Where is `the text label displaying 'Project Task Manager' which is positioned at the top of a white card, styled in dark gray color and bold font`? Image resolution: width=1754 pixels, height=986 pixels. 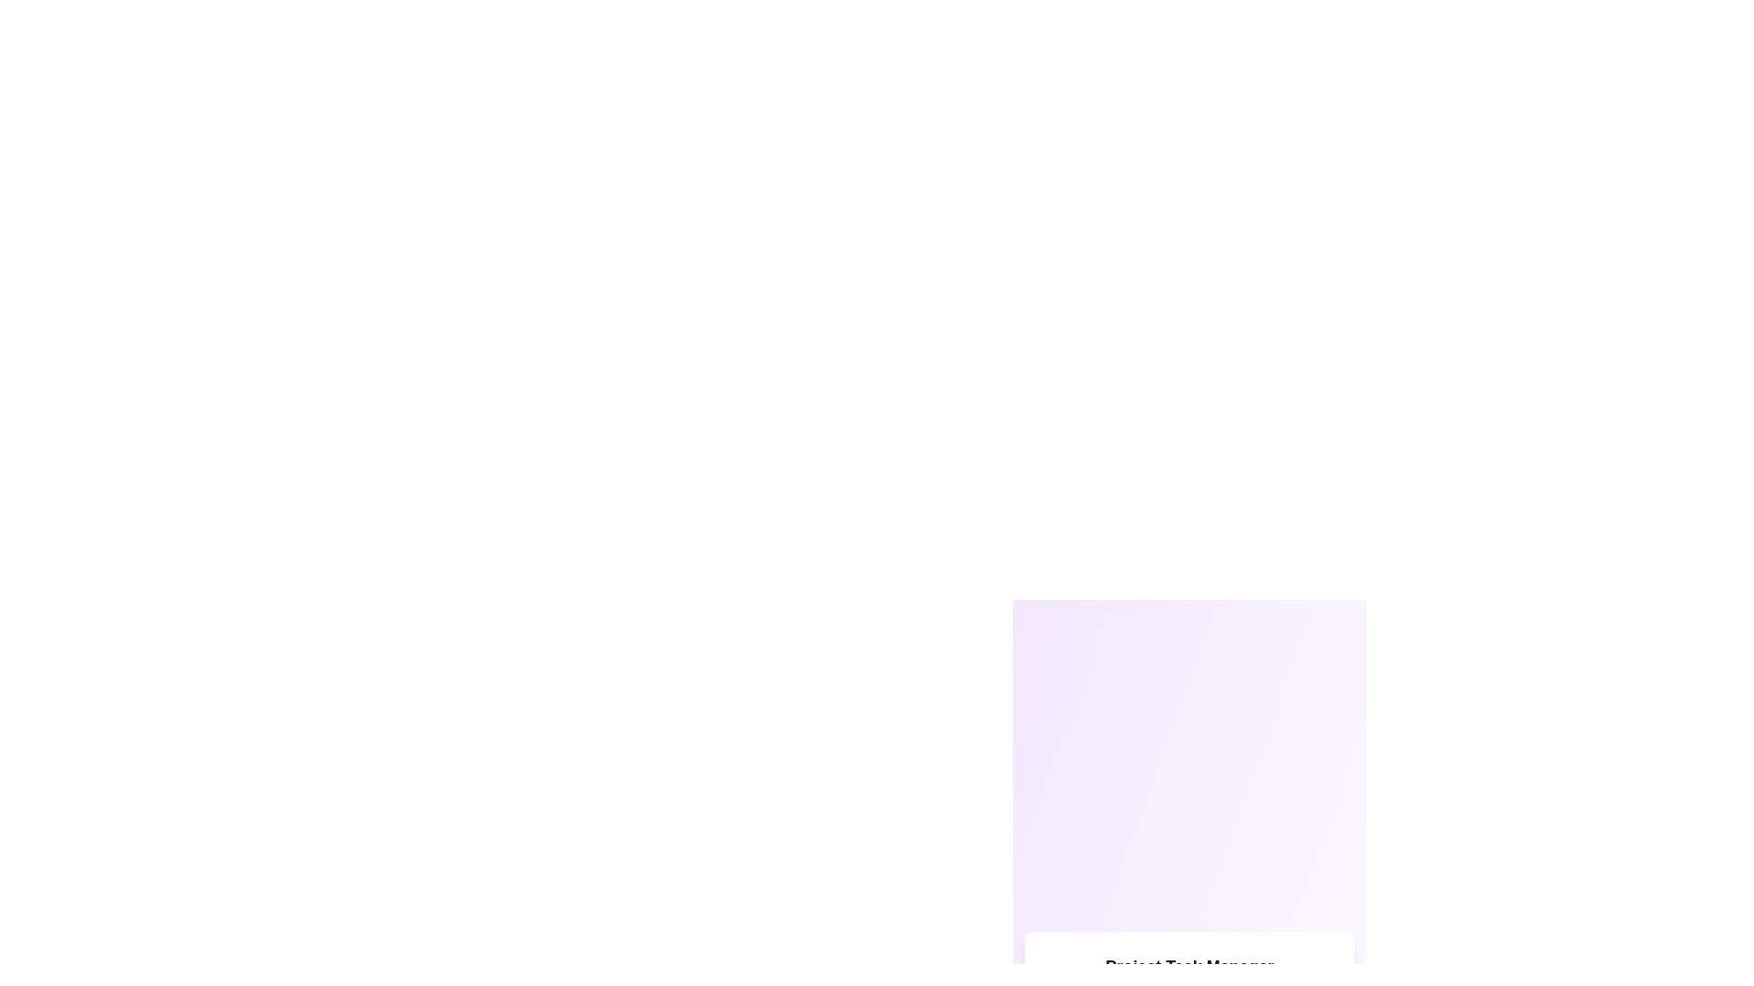
the text label displaying 'Project Task Manager' which is positioned at the top of a white card, styled in dark gray color and bold font is located at coordinates (1189, 966).